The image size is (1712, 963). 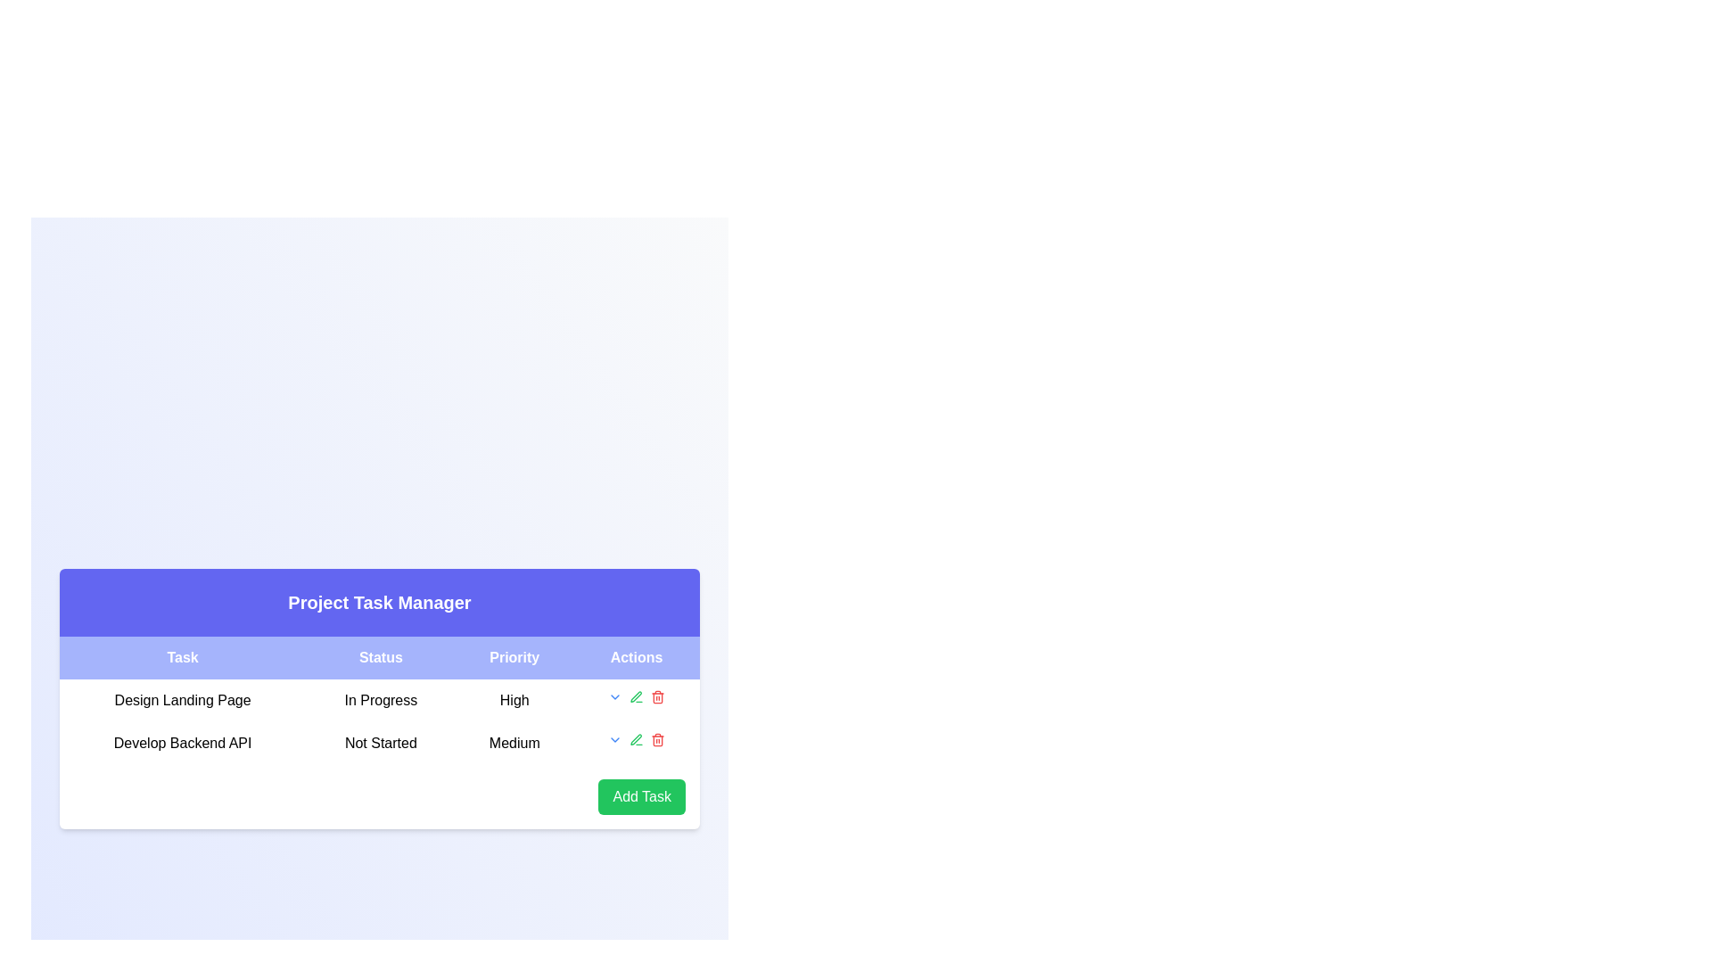 What do you see at coordinates (379, 700) in the screenshot?
I see `the first table row containing the text 'Design Landing Page', which is located in a table with headers 'Task', 'Status', 'Priority', and 'Actions'` at bounding box center [379, 700].